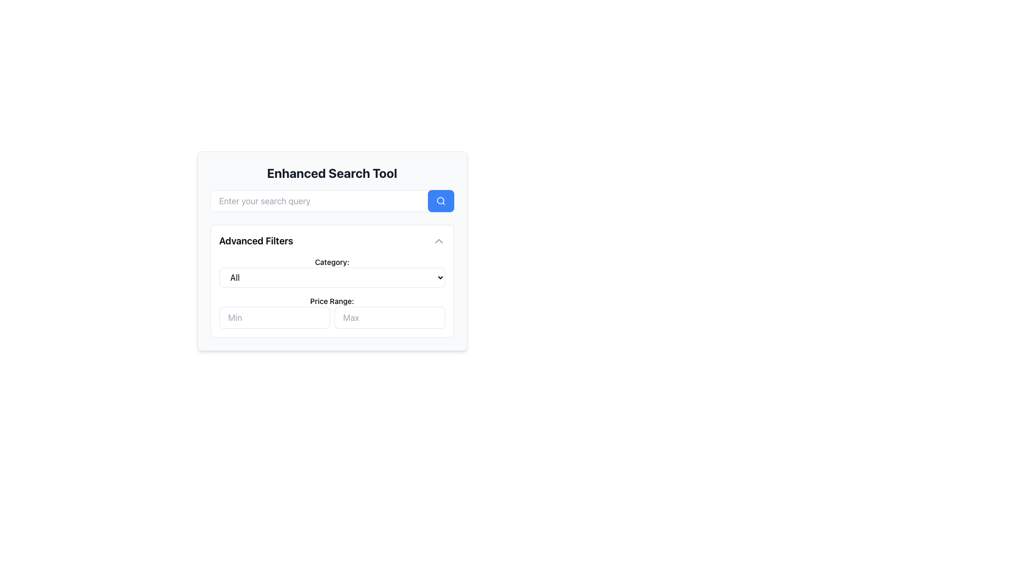  Describe the element at coordinates (440, 201) in the screenshot. I see `the blue circular indicator with a white outline and a blue fill located within the search icon button to the right of the input field labeled 'Enter your search query'` at that location.